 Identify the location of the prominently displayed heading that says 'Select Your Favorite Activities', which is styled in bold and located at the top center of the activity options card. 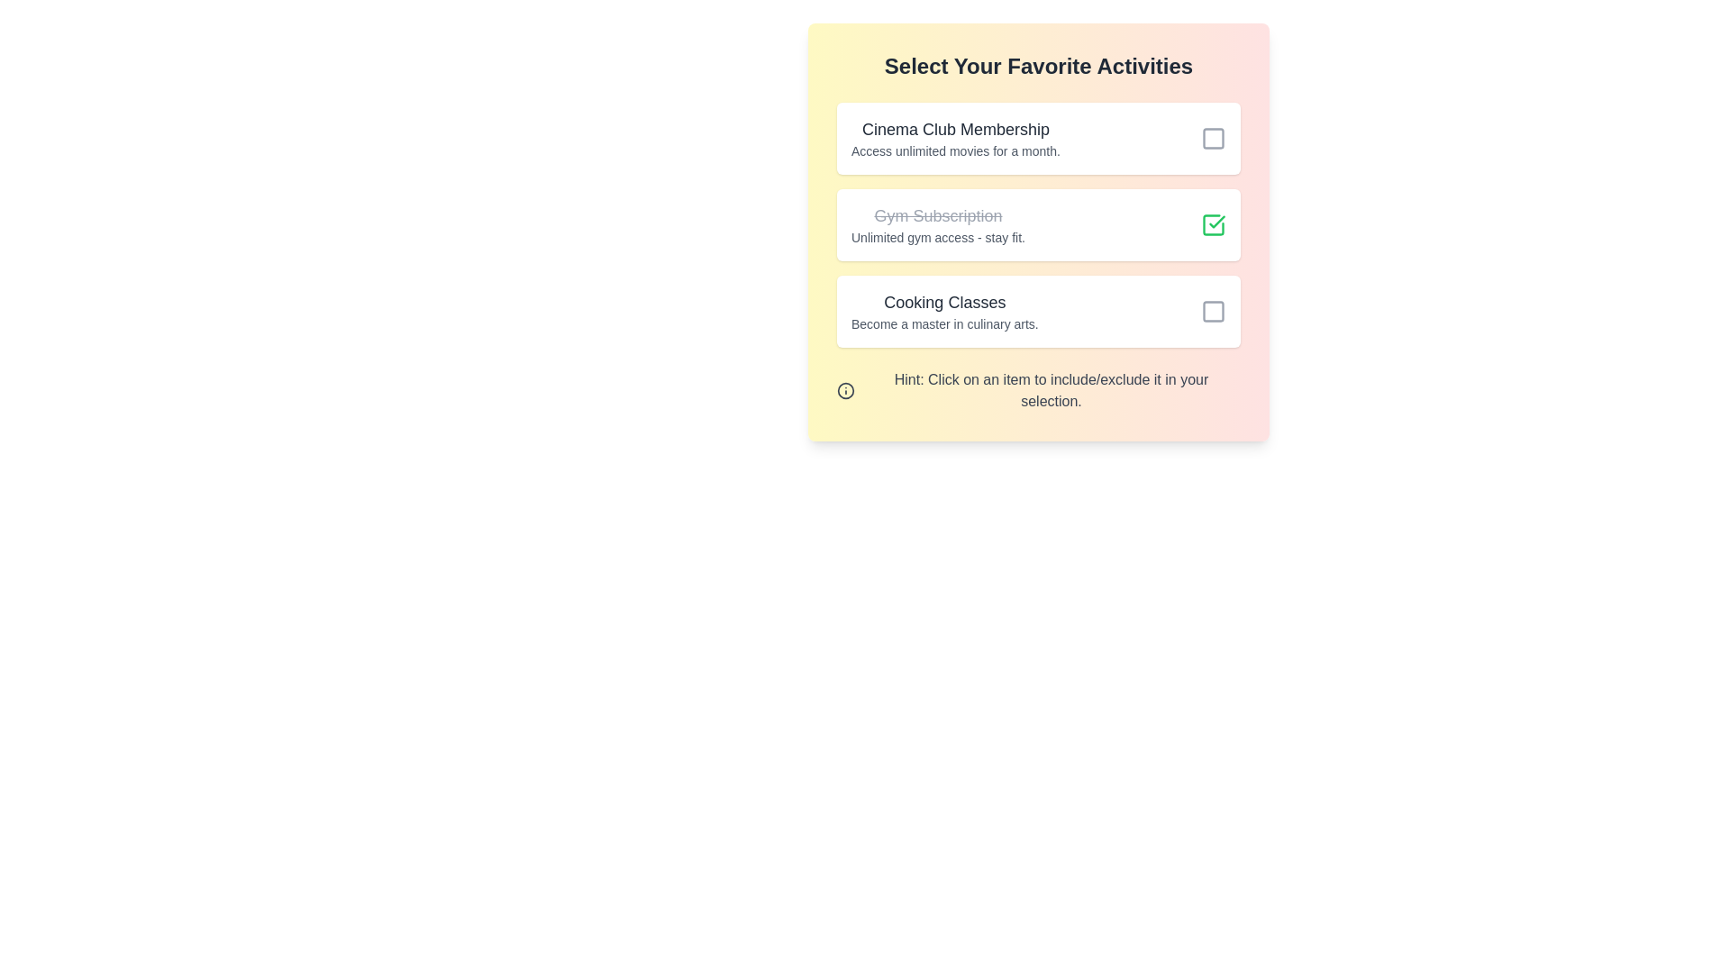
(1038, 65).